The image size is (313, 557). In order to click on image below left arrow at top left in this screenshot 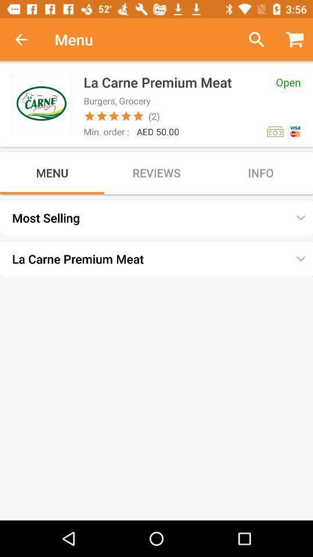, I will do `click(41, 103)`.